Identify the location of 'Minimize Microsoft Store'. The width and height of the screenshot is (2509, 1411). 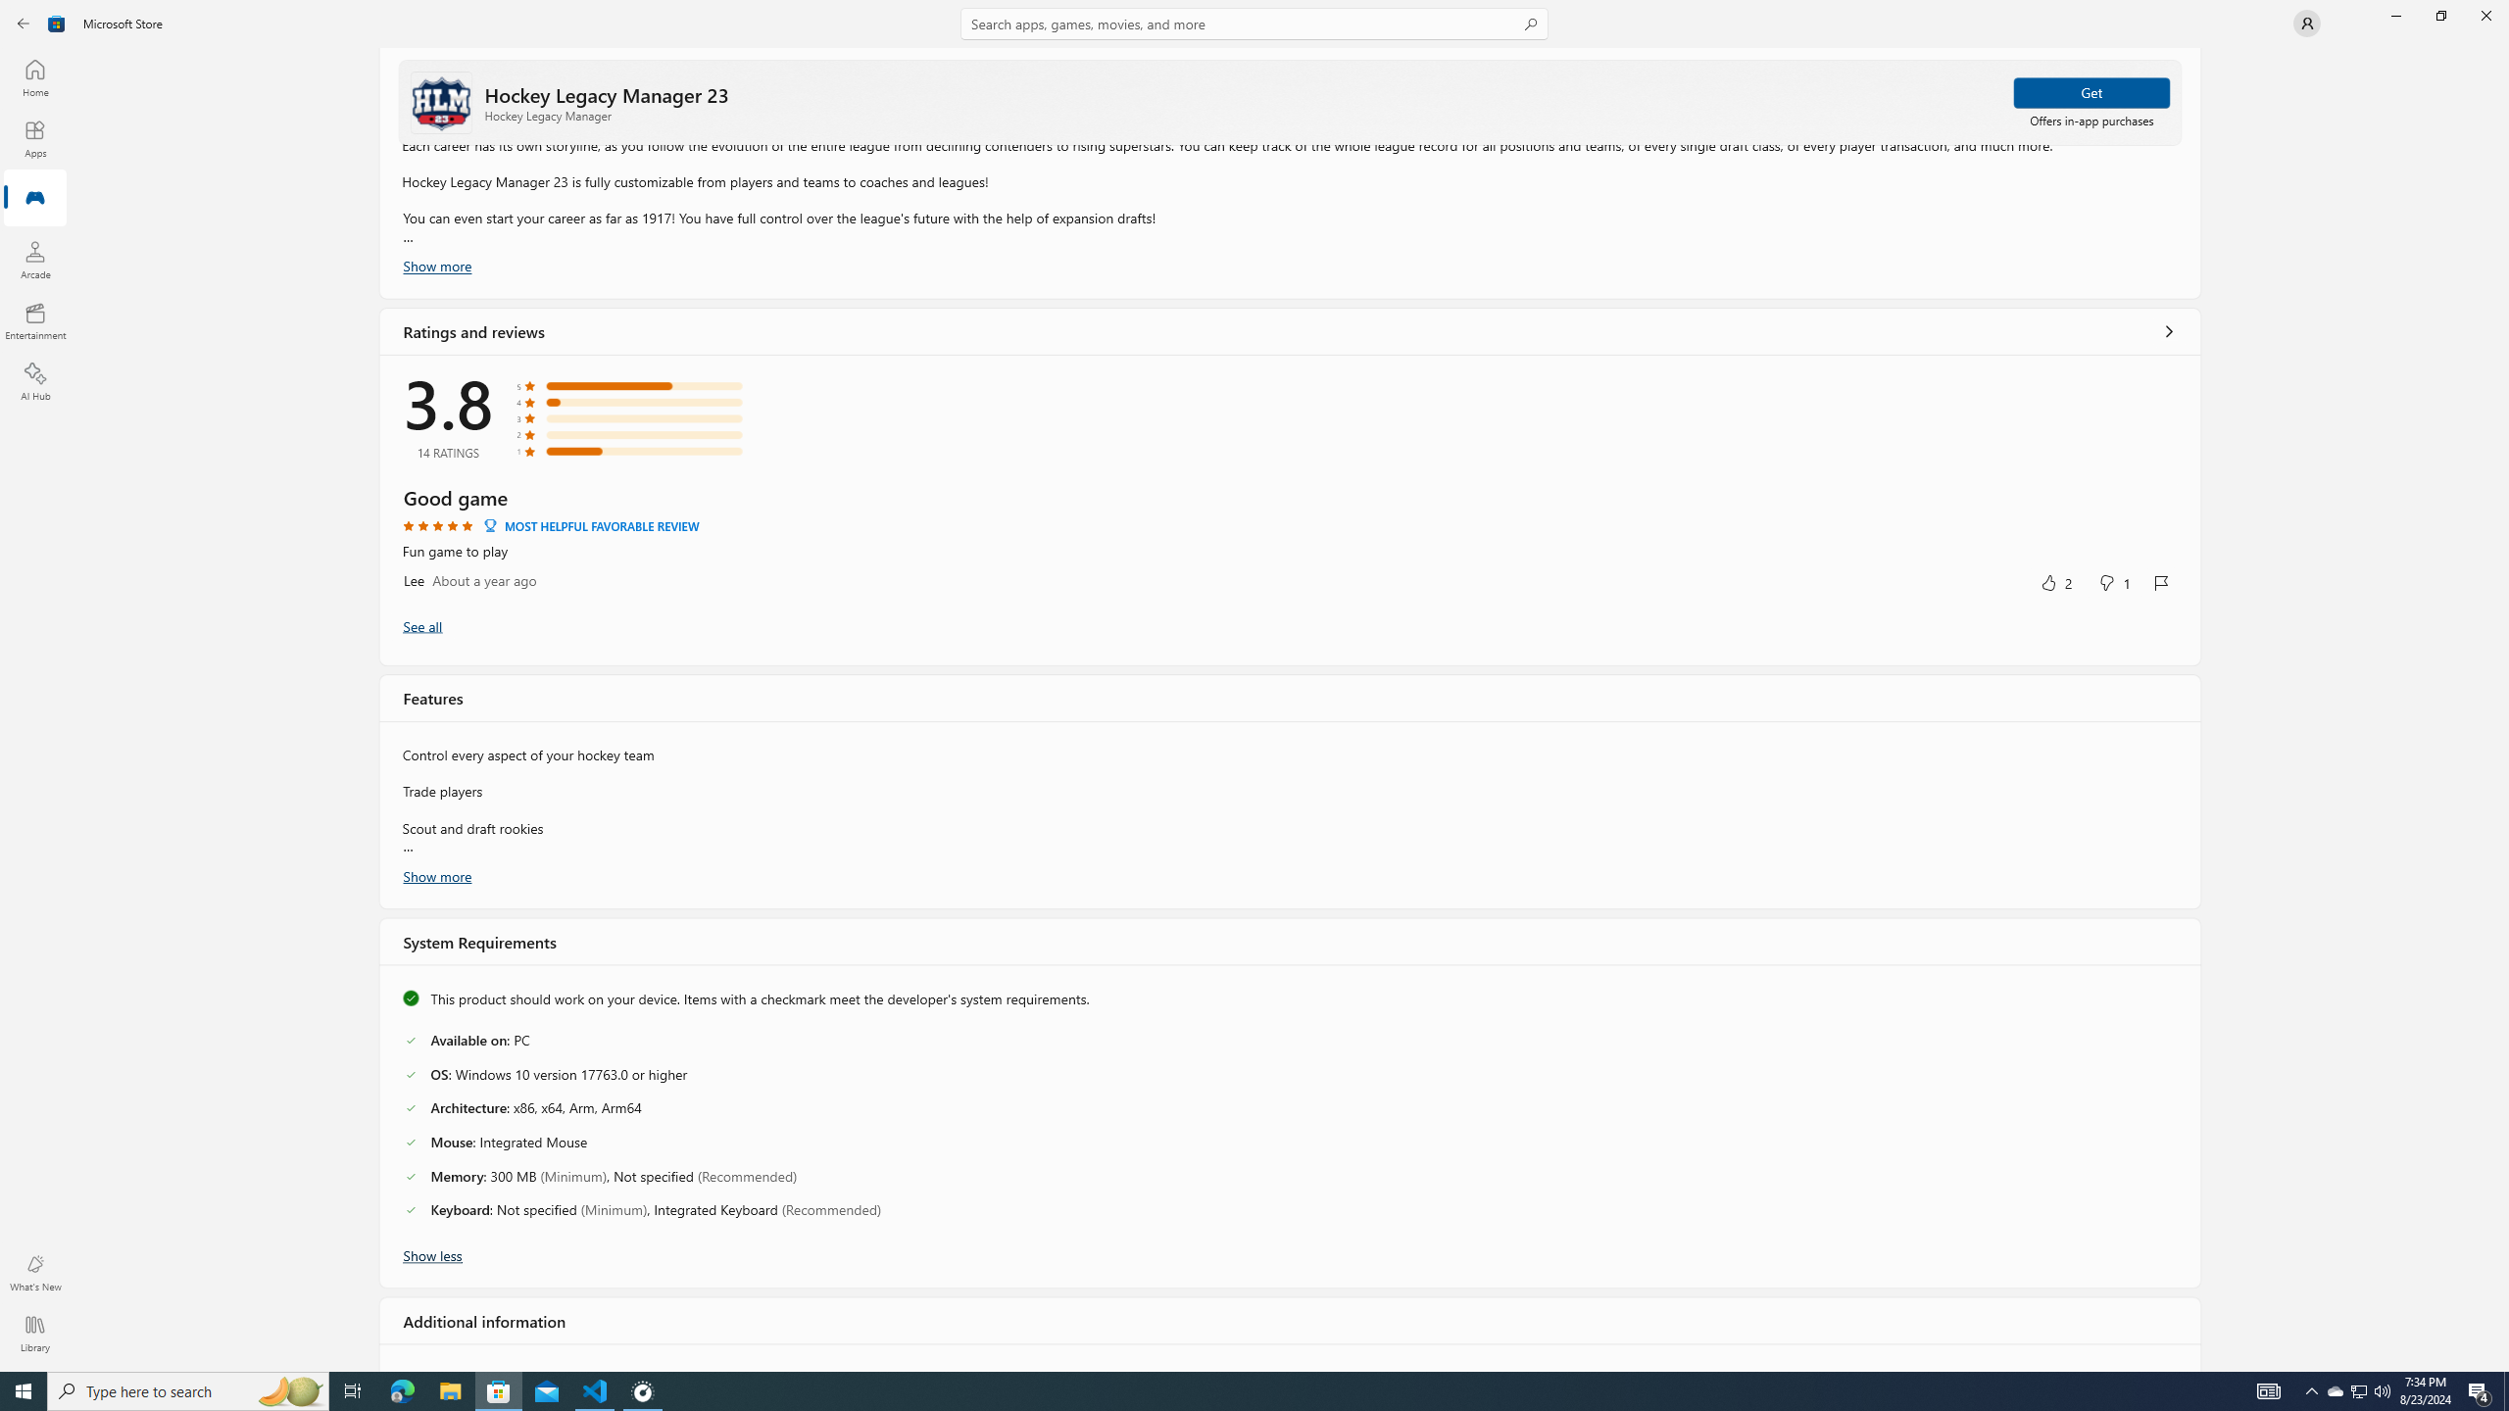
(2394, 15).